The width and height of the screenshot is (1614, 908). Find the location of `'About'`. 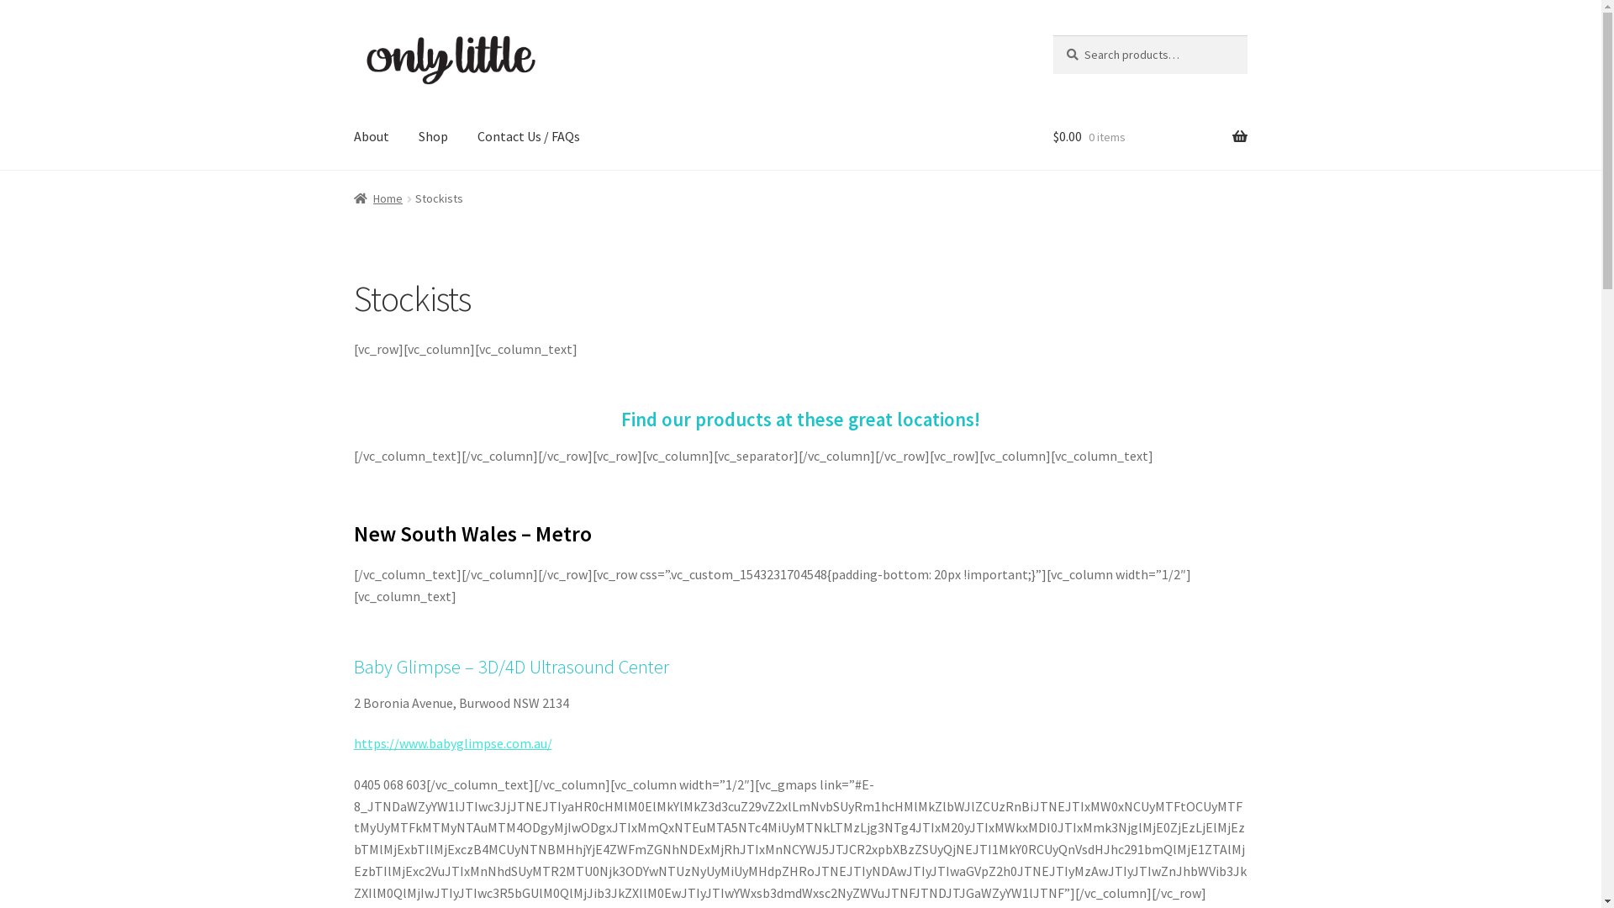

'About' is located at coordinates (370, 135).